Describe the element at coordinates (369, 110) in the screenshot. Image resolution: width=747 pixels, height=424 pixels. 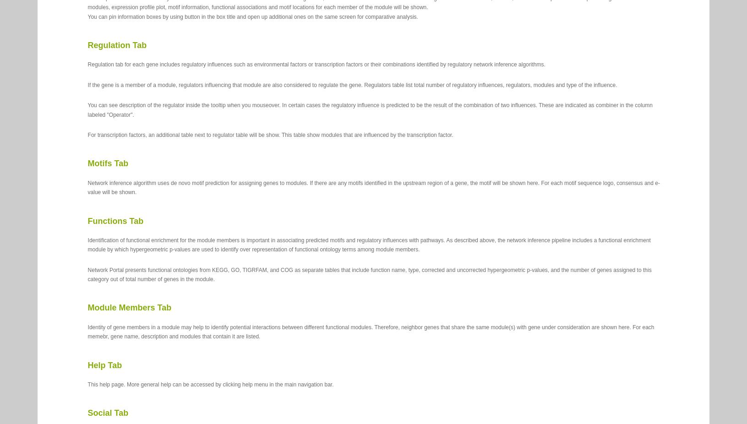
I see `'You can see description of the regulator inside the tooltip when you mouseover. In certain cases the regulatory influence is predicted to be the result of the combination of two influences. These are indicated as combiner in the column labeled "Operator".'` at that location.